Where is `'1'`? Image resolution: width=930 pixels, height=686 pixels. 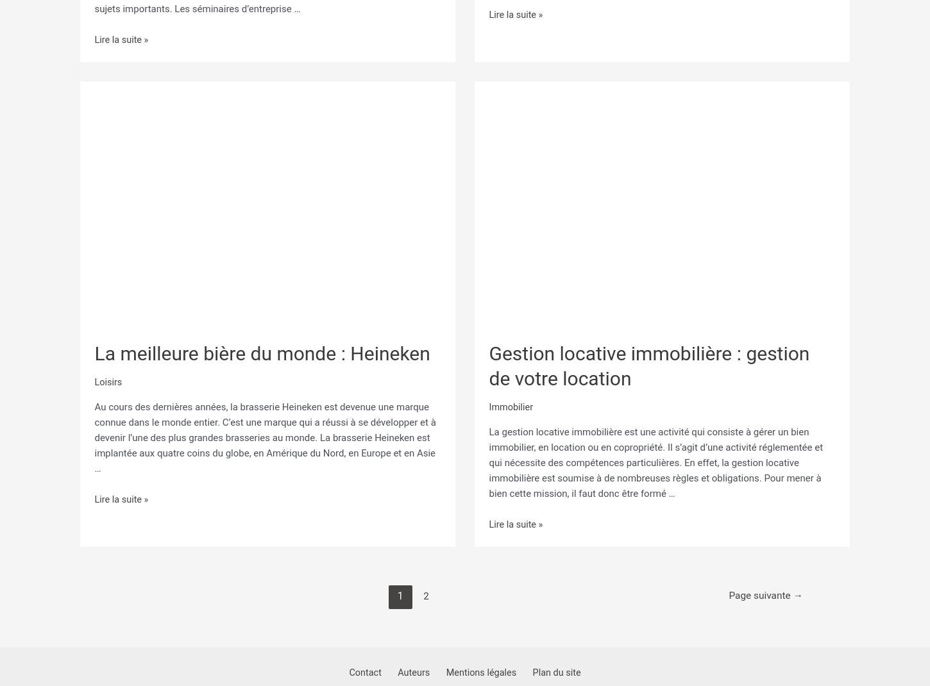
'1' is located at coordinates (397, 589).